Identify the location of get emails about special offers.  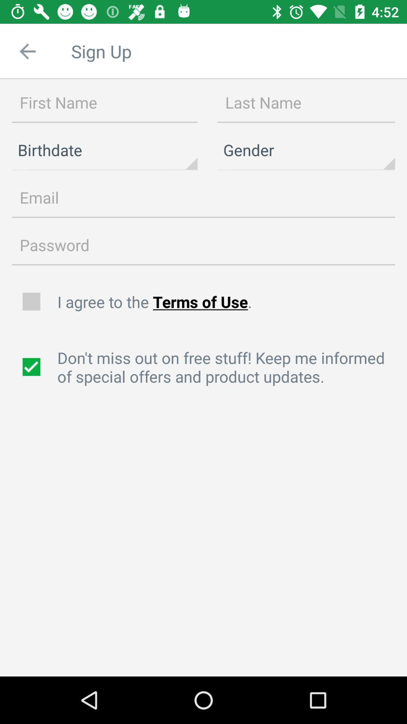
(32, 367).